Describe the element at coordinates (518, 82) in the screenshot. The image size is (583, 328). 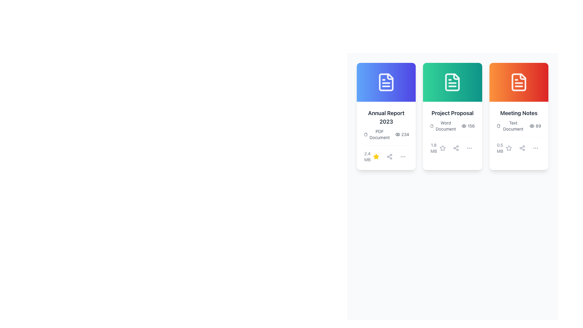
I see `the document icon with a white gradient overlay located at the top center of the 'Meeting Notes' card` at that location.